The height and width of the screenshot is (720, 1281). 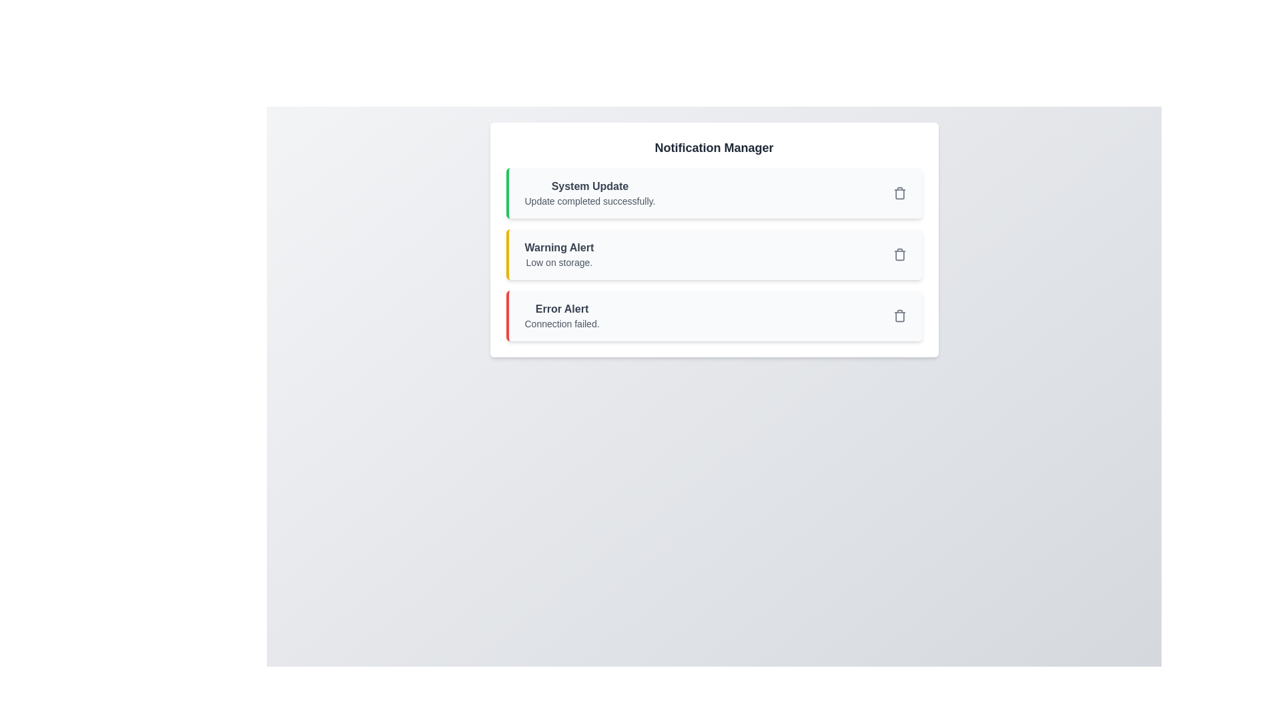 I want to click on the interactive trash icon (SVG graphic) located at the right-hand side of the 'Error Alert' notification block in the 'Notification Manager' interface, so click(x=899, y=316).